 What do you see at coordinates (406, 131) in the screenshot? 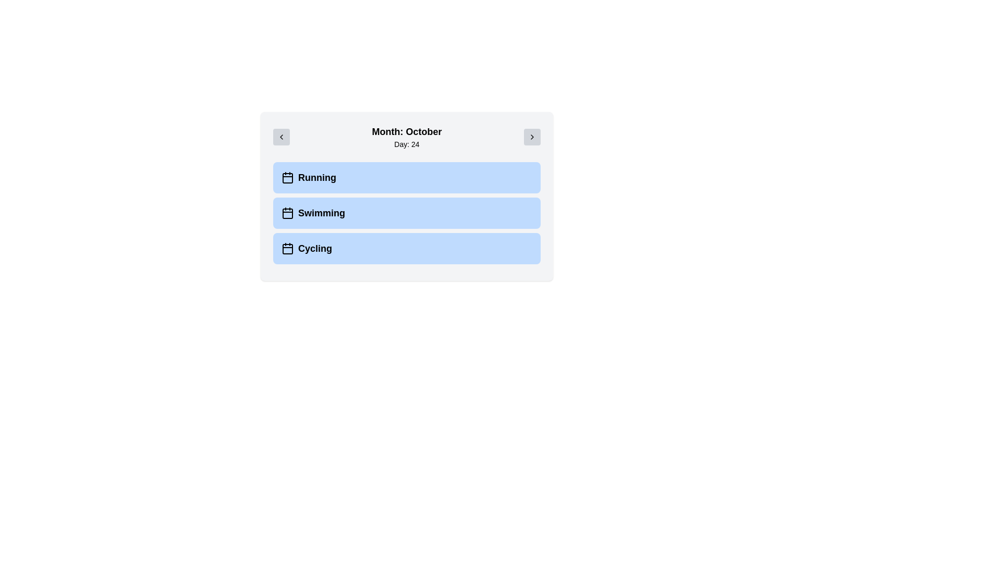
I see `the bolded text label displaying 'Month: October', which is located at the top of the interface, above 'Day: 24'` at bounding box center [406, 131].